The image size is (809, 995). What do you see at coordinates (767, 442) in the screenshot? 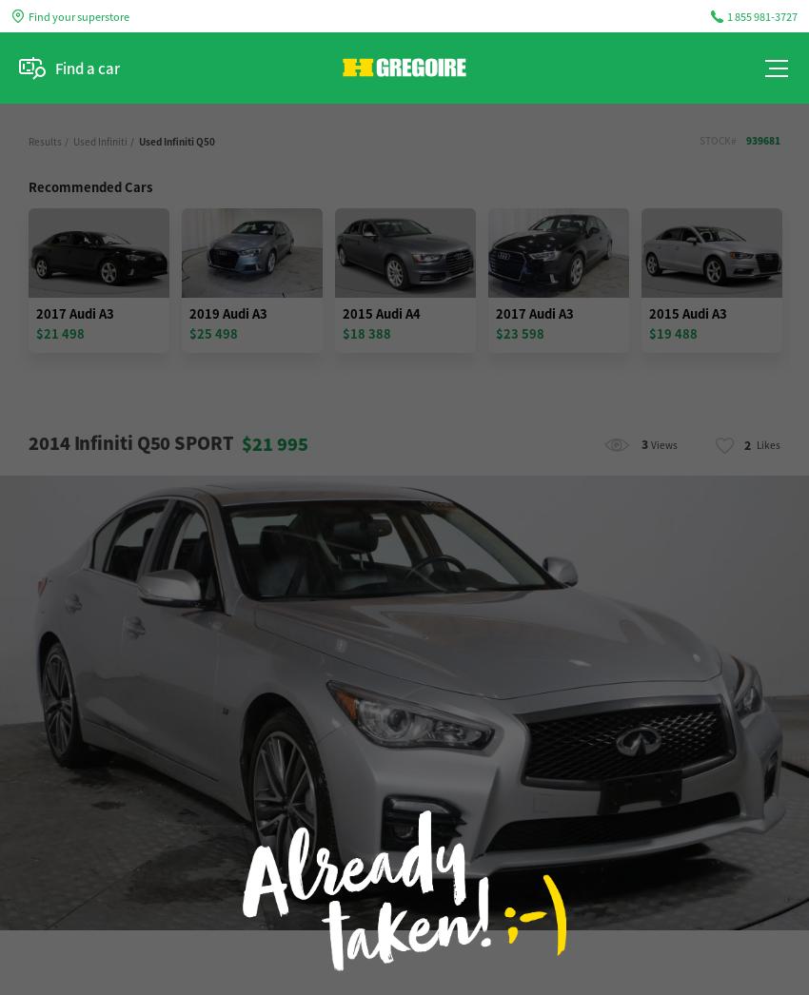
I see `'Likes'` at bounding box center [767, 442].